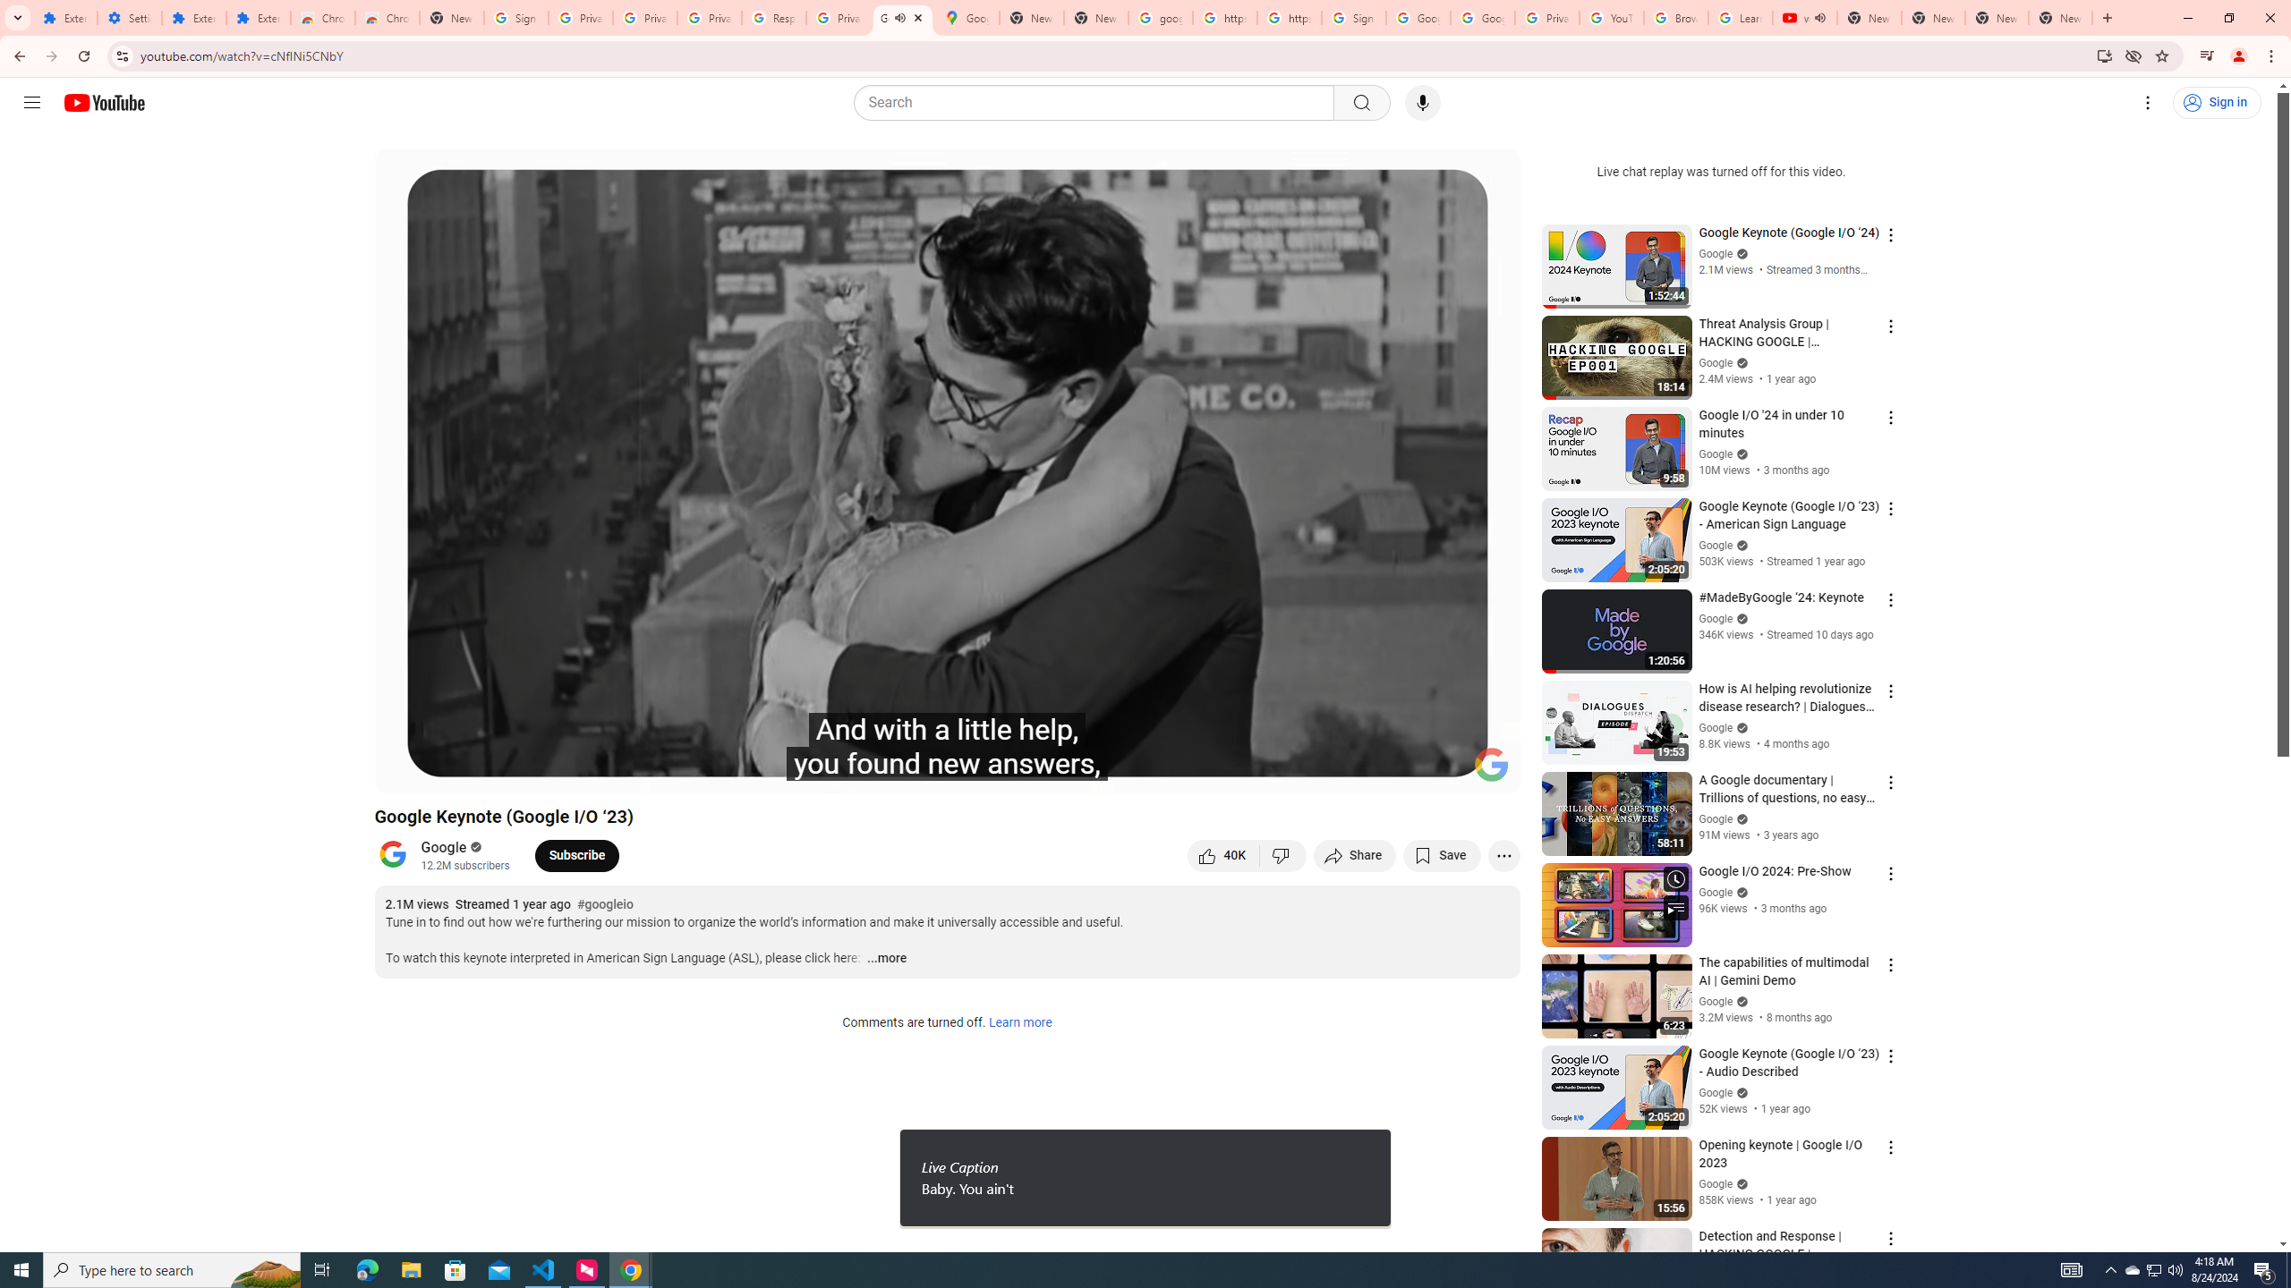 The height and width of the screenshot is (1288, 2291). What do you see at coordinates (1018, 1023) in the screenshot?
I see `'Learn more'` at bounding box center [1018, 1023].